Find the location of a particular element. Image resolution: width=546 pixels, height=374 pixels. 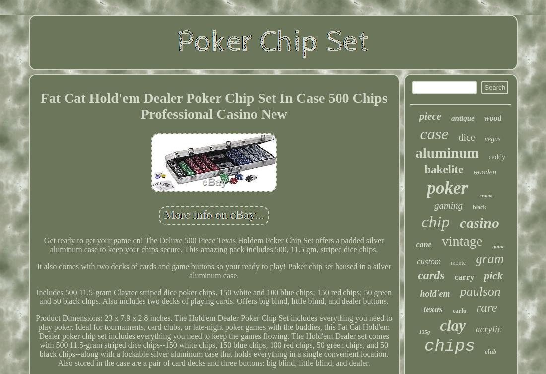

'game' is located at coordinates (497, 246).